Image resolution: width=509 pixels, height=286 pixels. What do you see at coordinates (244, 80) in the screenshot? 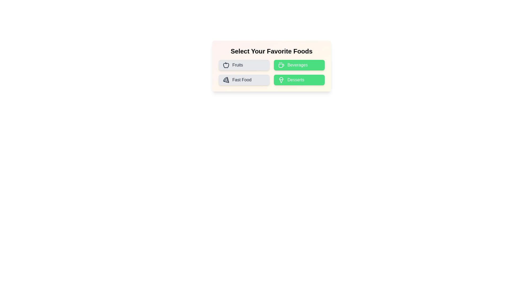
I see `the Fast Food button to inspect its icon and label` at bounding box center [244, 80].